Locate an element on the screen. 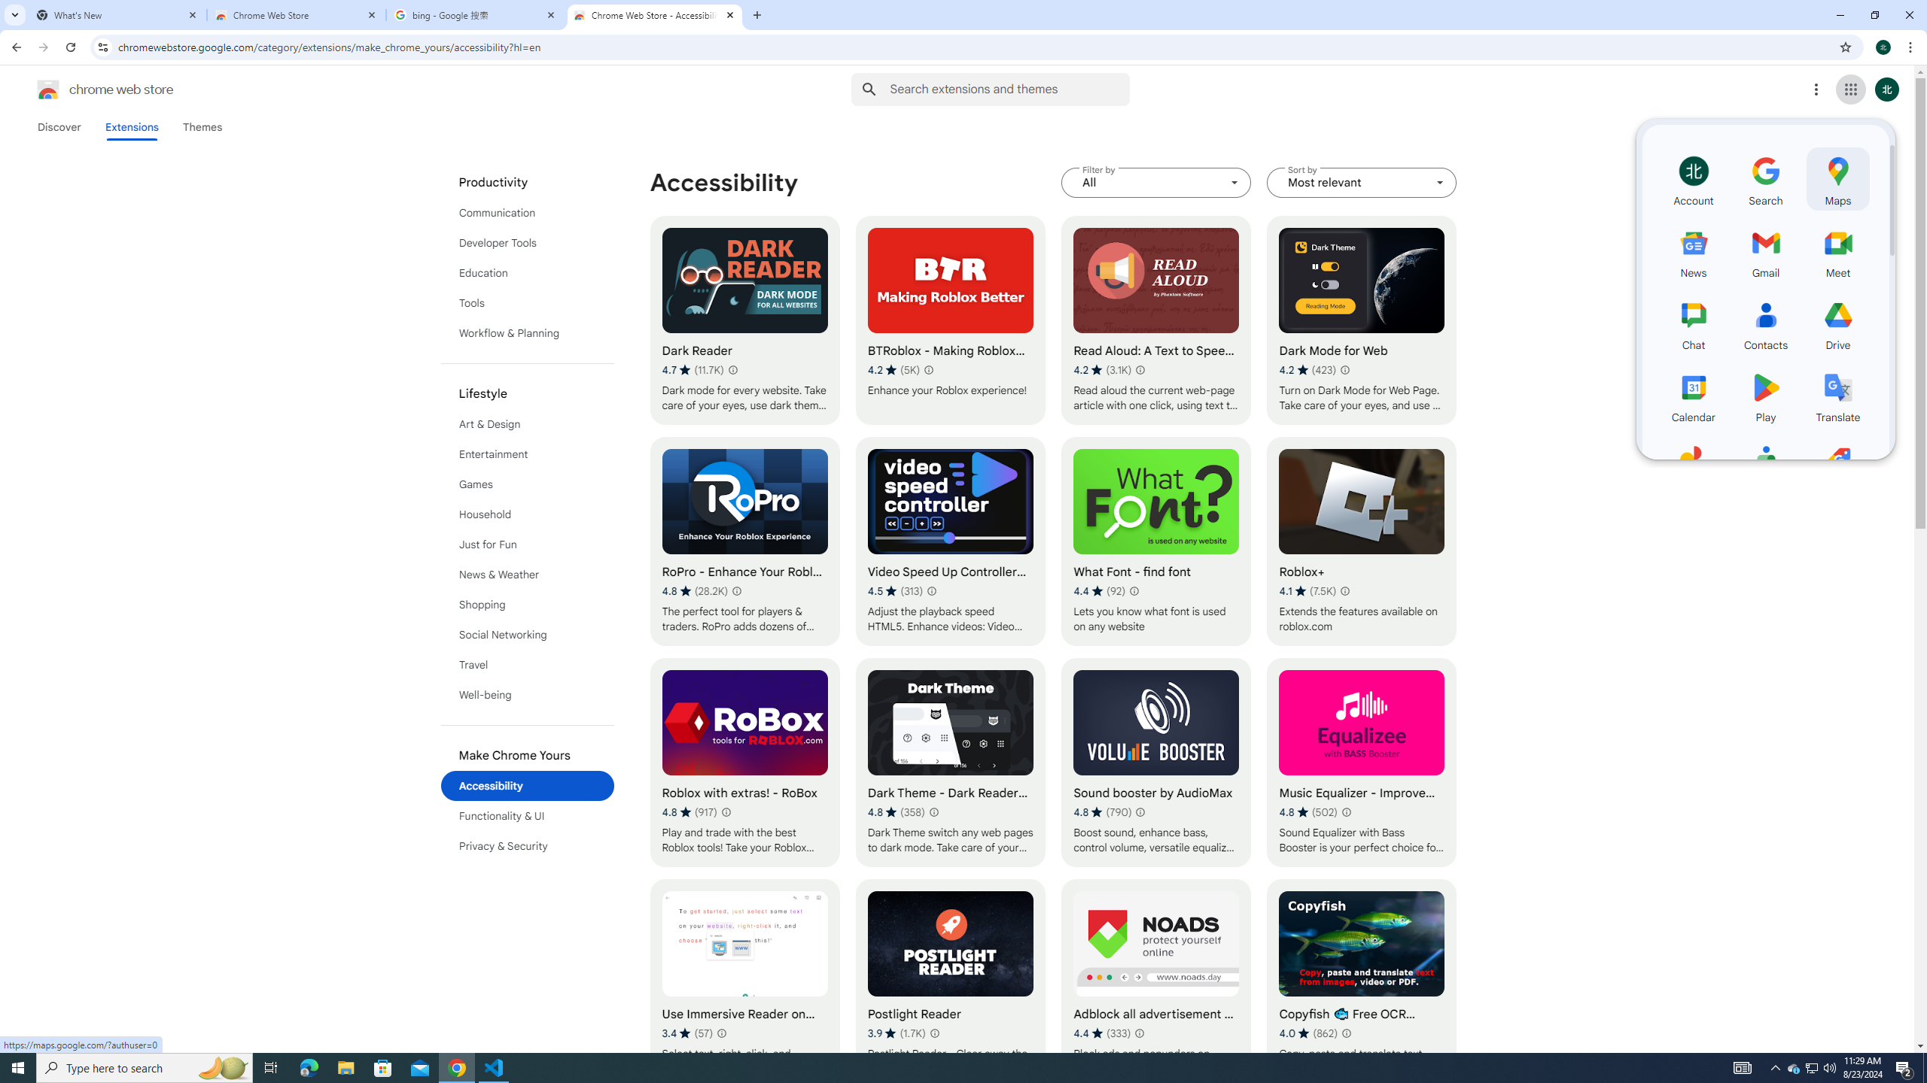 The image size is (1927, 1083). 'Roblox with extras! - RoBox' is located at coordinates (744, 763).